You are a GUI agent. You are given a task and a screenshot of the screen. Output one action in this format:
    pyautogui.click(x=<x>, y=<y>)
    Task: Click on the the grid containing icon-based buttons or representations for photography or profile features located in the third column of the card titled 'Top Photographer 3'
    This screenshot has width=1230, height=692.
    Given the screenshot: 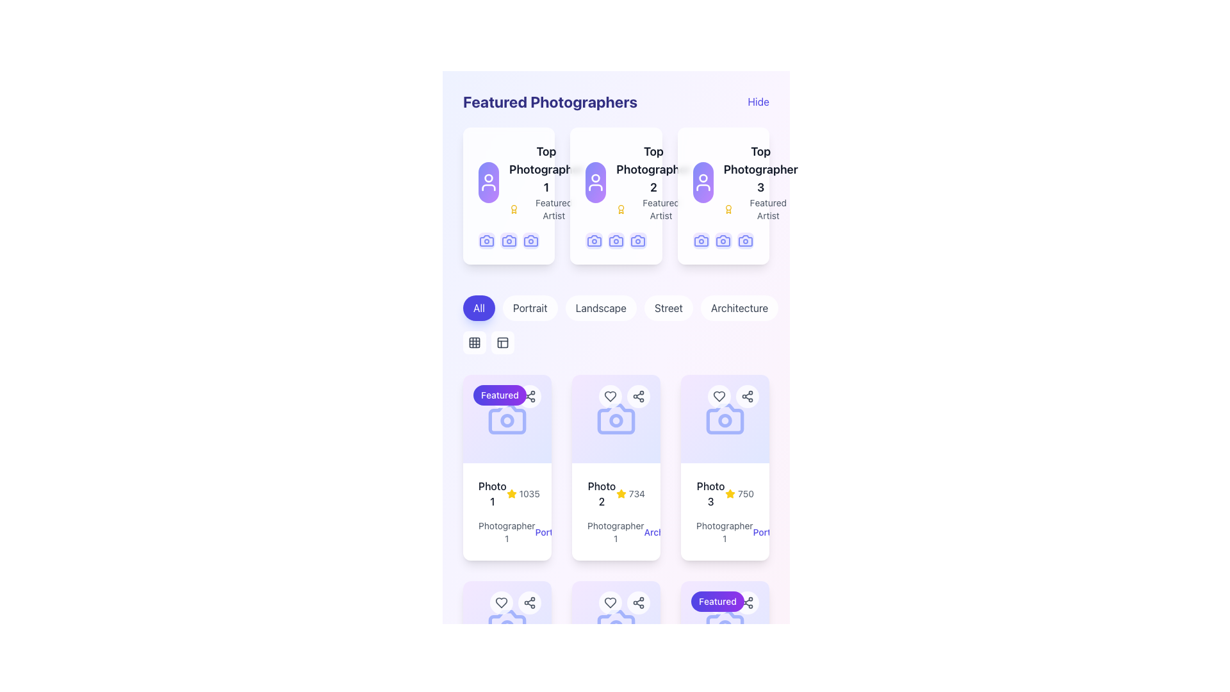 What is the action you would take?
    pyautogui.click(x=723, y=241)
    